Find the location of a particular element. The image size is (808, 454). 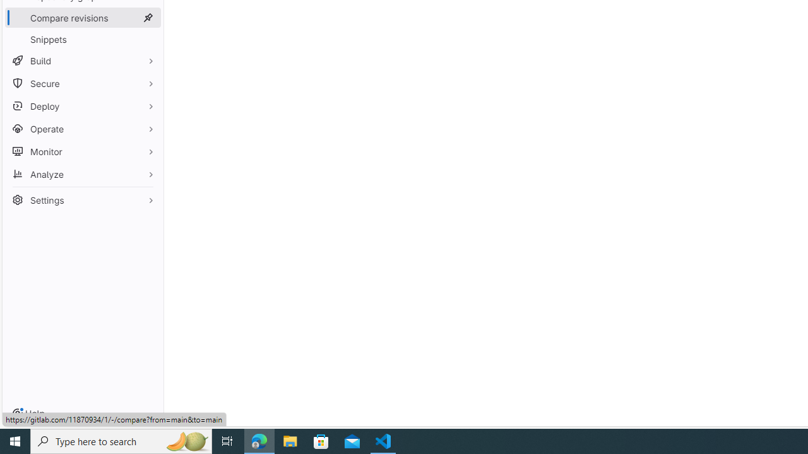

'Compare revisions' is located at coordinates (82, 18).